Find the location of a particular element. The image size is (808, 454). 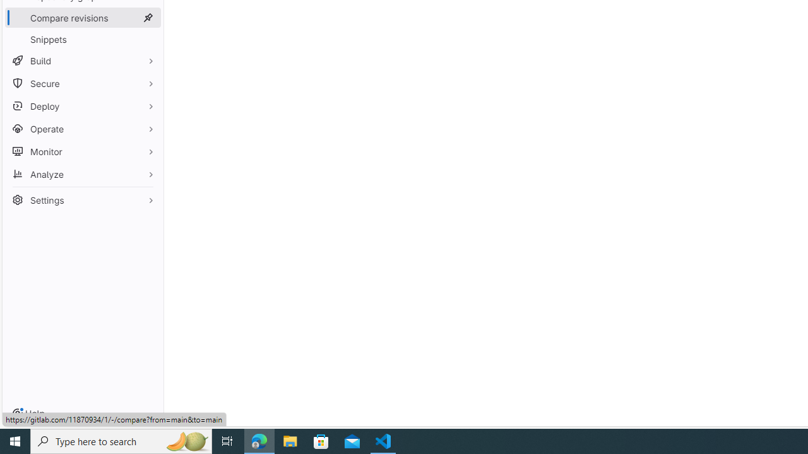

'Compare revisions' is located at coordinates (82, 18).